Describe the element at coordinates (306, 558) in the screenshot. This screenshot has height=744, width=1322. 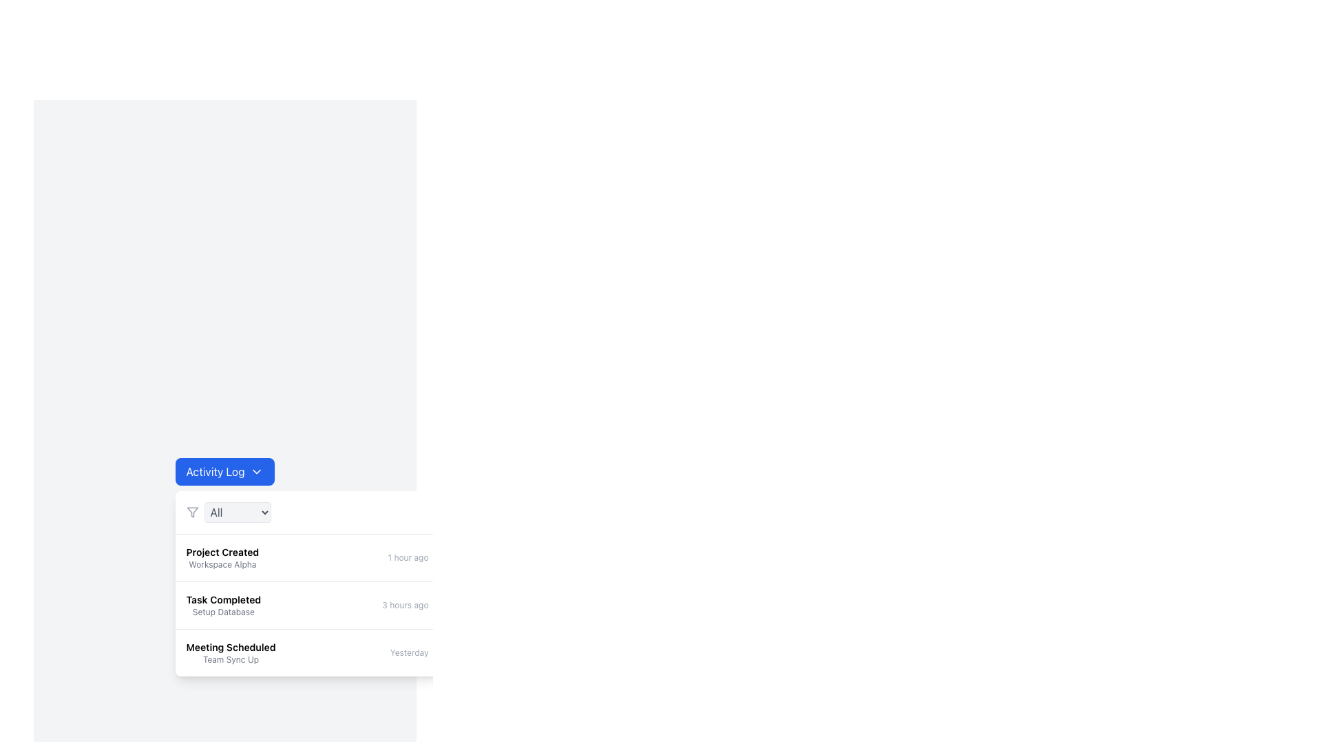
I see `the first entry in the activity log list, which summarizes an activity including title, workspace, and timestamp` at that location.